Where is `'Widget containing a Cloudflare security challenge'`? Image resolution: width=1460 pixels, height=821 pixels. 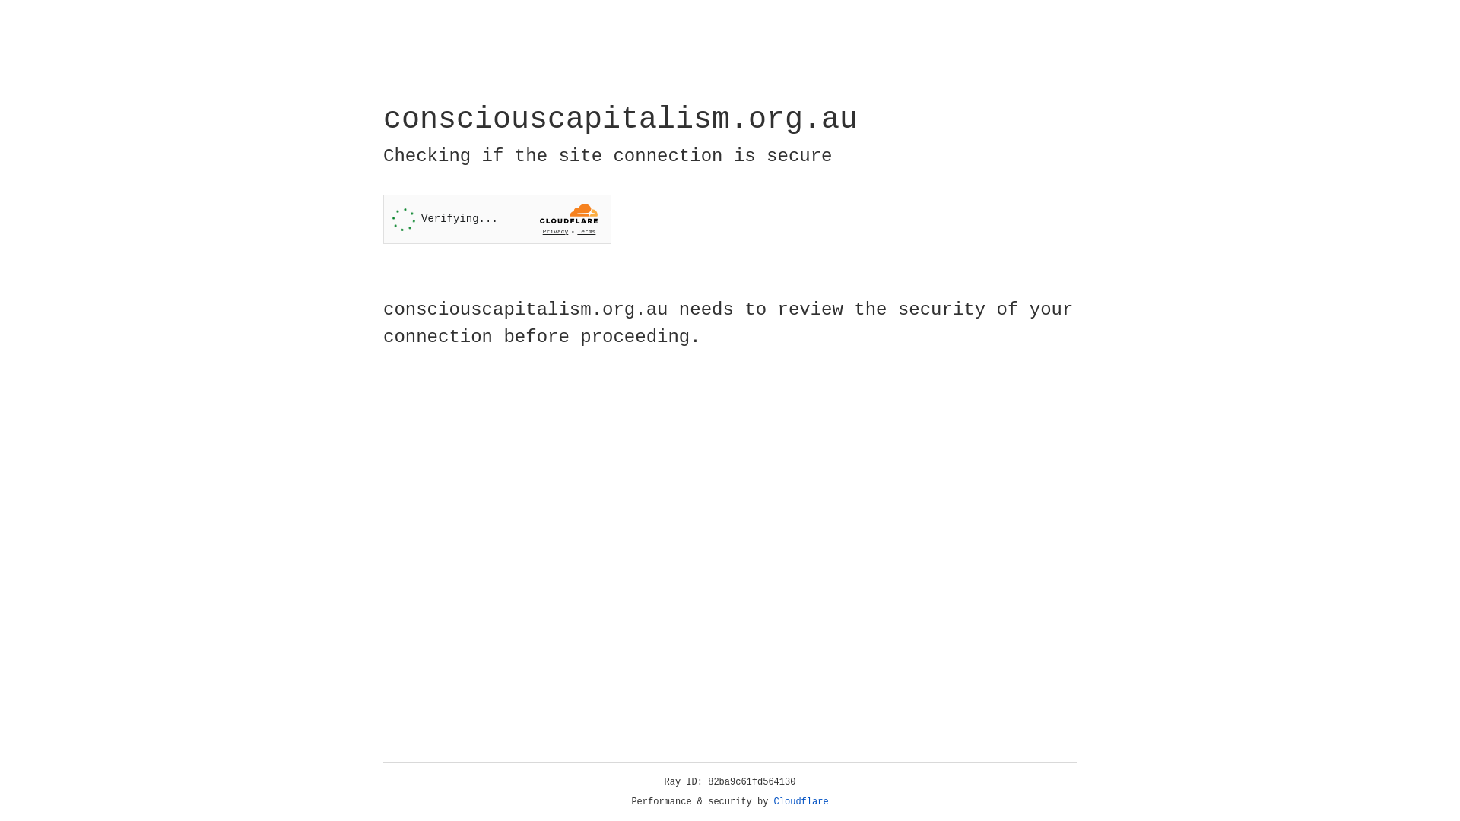 'Widget containing a Cloudflare security challenge' is located at coordinates (497, 219).